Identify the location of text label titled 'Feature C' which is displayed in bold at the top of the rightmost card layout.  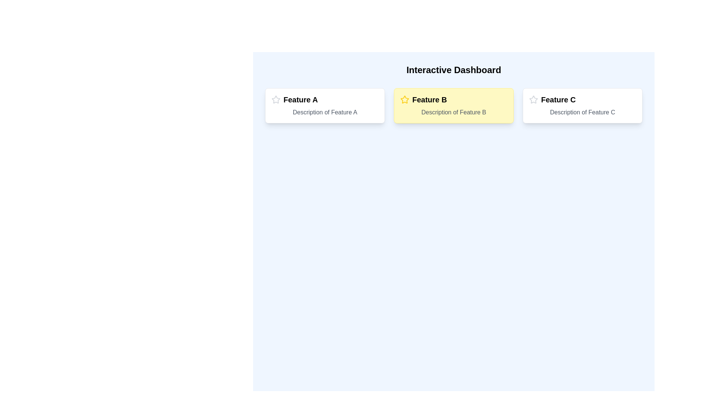
(558, 99).